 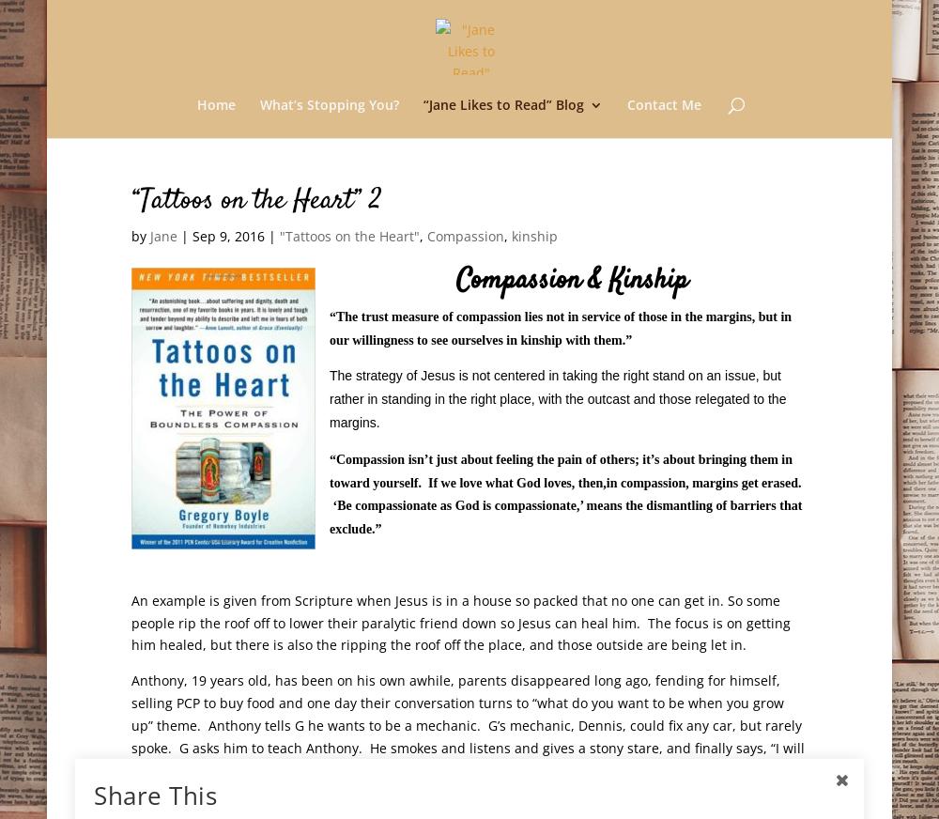 I want to click on 'Compassion & Kinship', so click(x=571, y=279).